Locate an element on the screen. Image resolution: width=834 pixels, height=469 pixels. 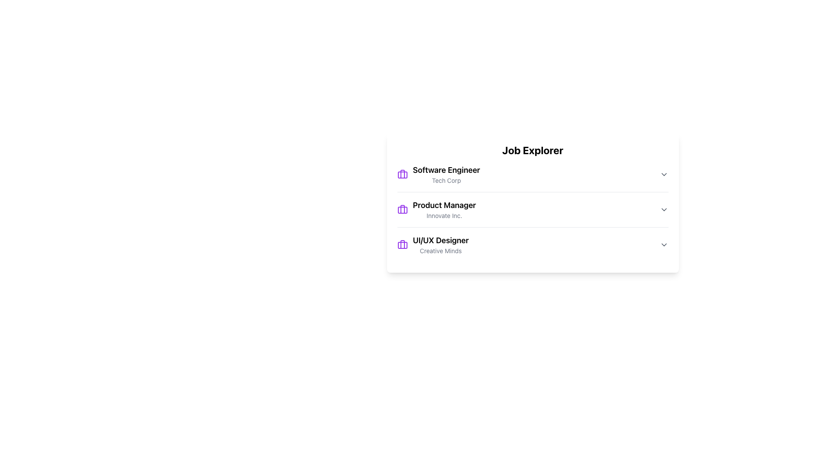
the second item in the Job Explorer list, which displays the job title 'Product Manager' and company name 'Innovate Inc.' is located at coordinates (532, 213).